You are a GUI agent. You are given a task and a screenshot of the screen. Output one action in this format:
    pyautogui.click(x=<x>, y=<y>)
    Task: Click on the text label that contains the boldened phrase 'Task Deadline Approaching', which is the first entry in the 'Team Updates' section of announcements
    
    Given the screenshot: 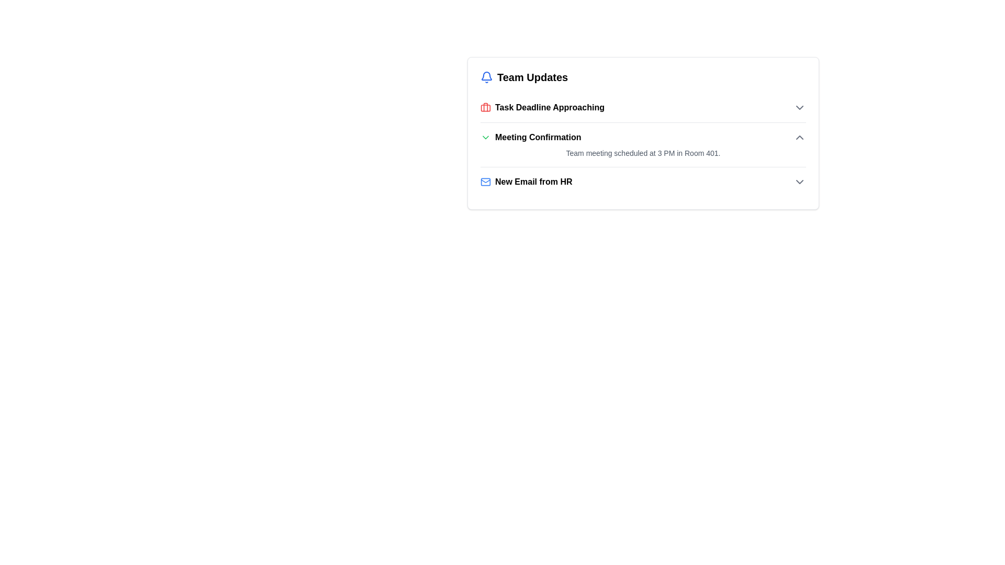 What is the action you would take?
    pyautogui.click(x=549, y=107)
    